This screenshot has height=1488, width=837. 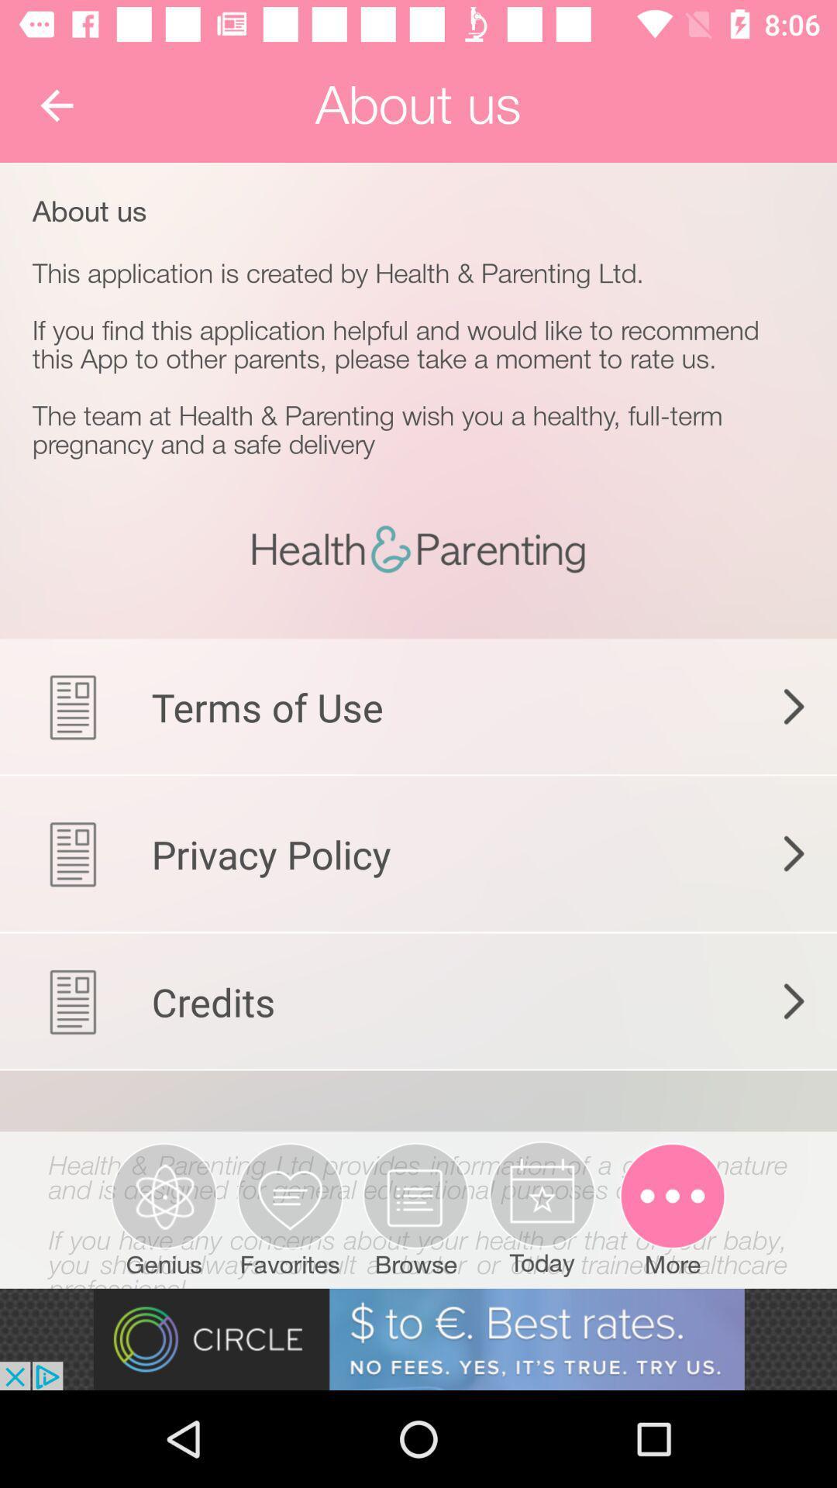 I want to click on phone app downloads, so click(x=418, y=1189).